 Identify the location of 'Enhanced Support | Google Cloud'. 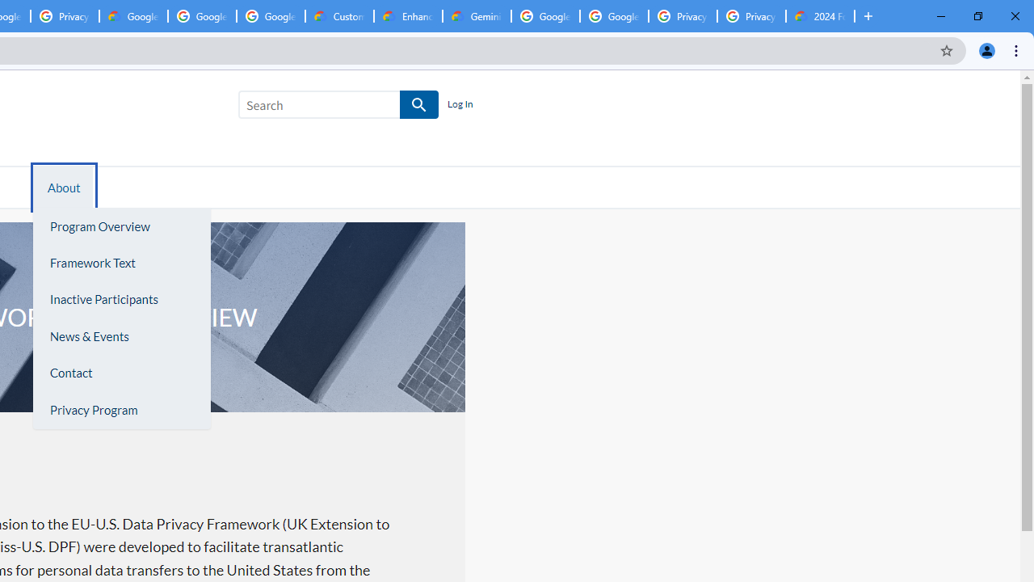
(408, 16).